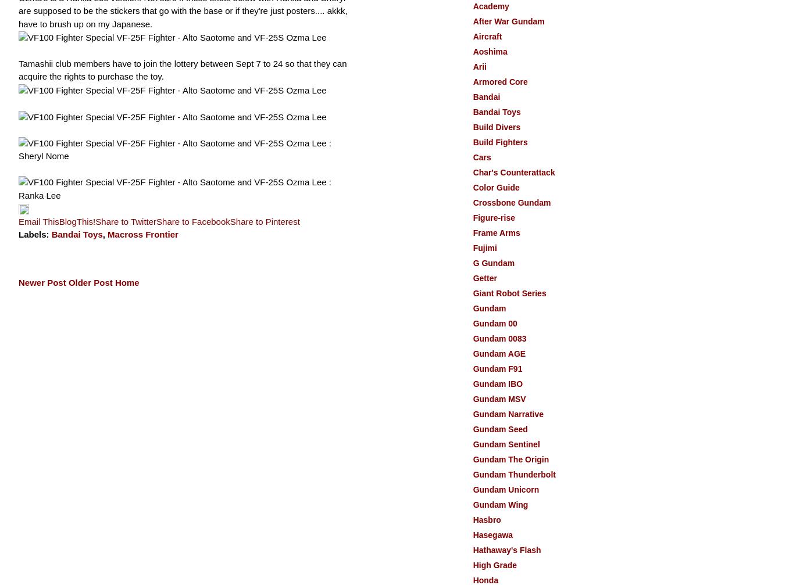 The width and height of the screenshot is (807, 585). What do you see at coordinates (499, 398) in the screenshot?
I see `'Gundam MSV'` at bounding box center [499, 398].